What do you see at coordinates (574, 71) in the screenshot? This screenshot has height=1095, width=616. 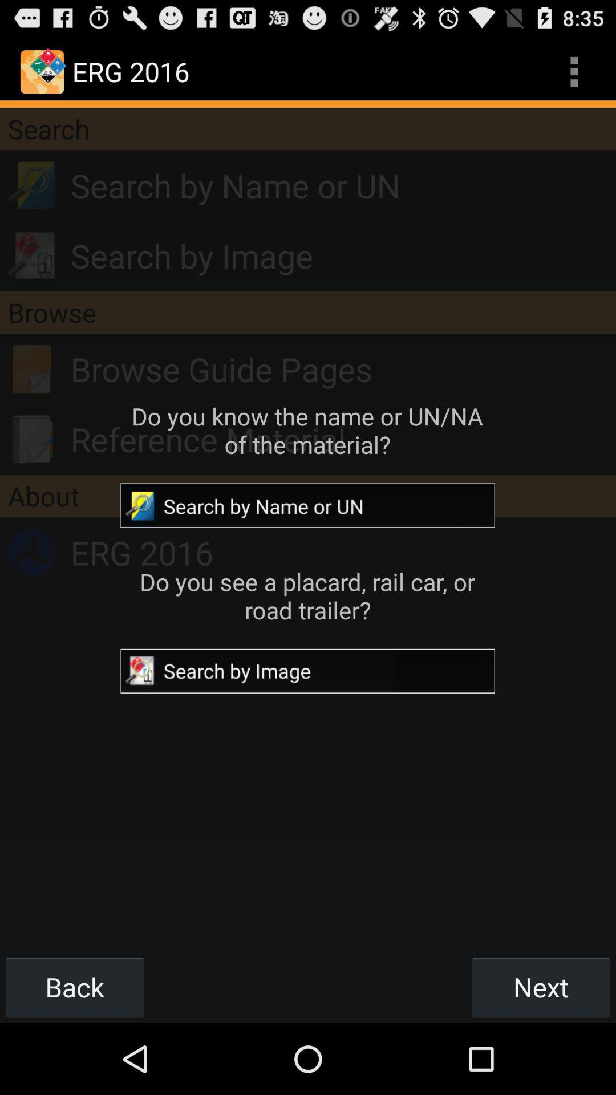 I see `the item next to the erg 2016` at bounding box center [574, 71].